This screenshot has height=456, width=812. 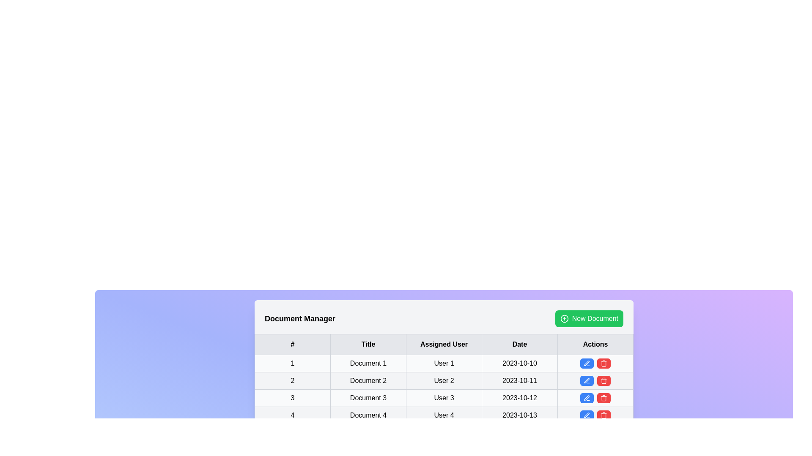 What do you see at coordinates (564, 319) in the screenshot?
I see `the new document icon located at the leftmost position of the 'New Document' button in the top-right corner of the Document Manager section` at bounding box center [564, 319].